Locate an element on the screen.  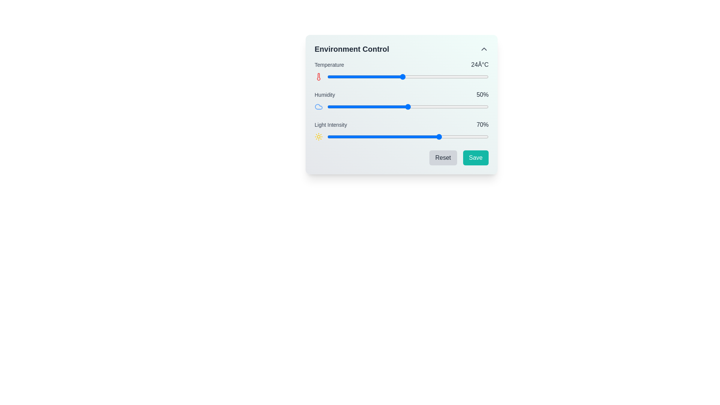
light intensity is located at coordinates (345, 137).